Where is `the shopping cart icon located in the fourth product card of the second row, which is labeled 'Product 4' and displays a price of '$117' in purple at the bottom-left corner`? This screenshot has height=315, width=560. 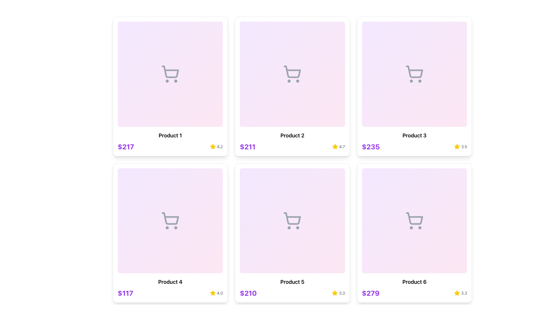 the shopping cart icon located in the fourth product card of the second row, which is labeled 'Product 4' and displays a price of '$117' in purple at the bottom-left corner is located at coordinates (170, 220).